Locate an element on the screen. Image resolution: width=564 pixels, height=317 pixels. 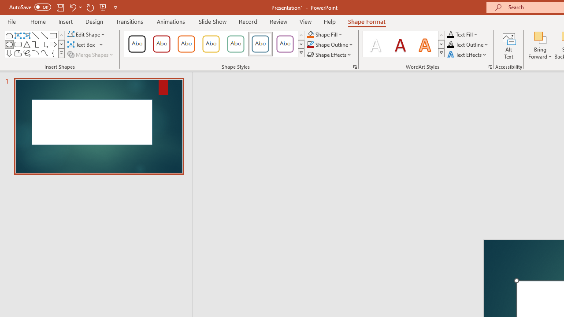
'Fill: White, Text color 1; Shadow' is located at coordinates (376, 44).